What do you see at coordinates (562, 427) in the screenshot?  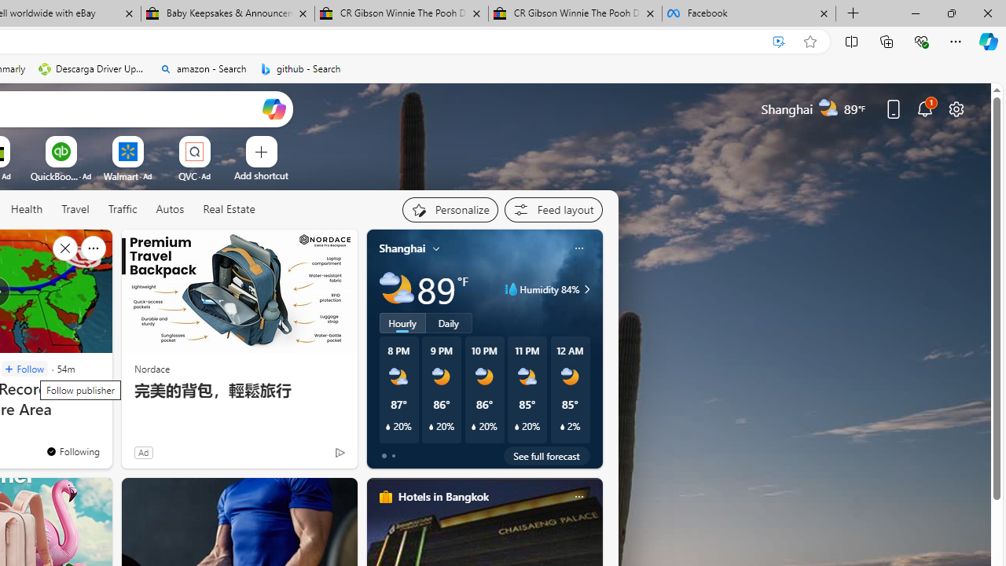 I see `'Class: weather-current-precipitation-glyph'` at bounding box center [562, 427].